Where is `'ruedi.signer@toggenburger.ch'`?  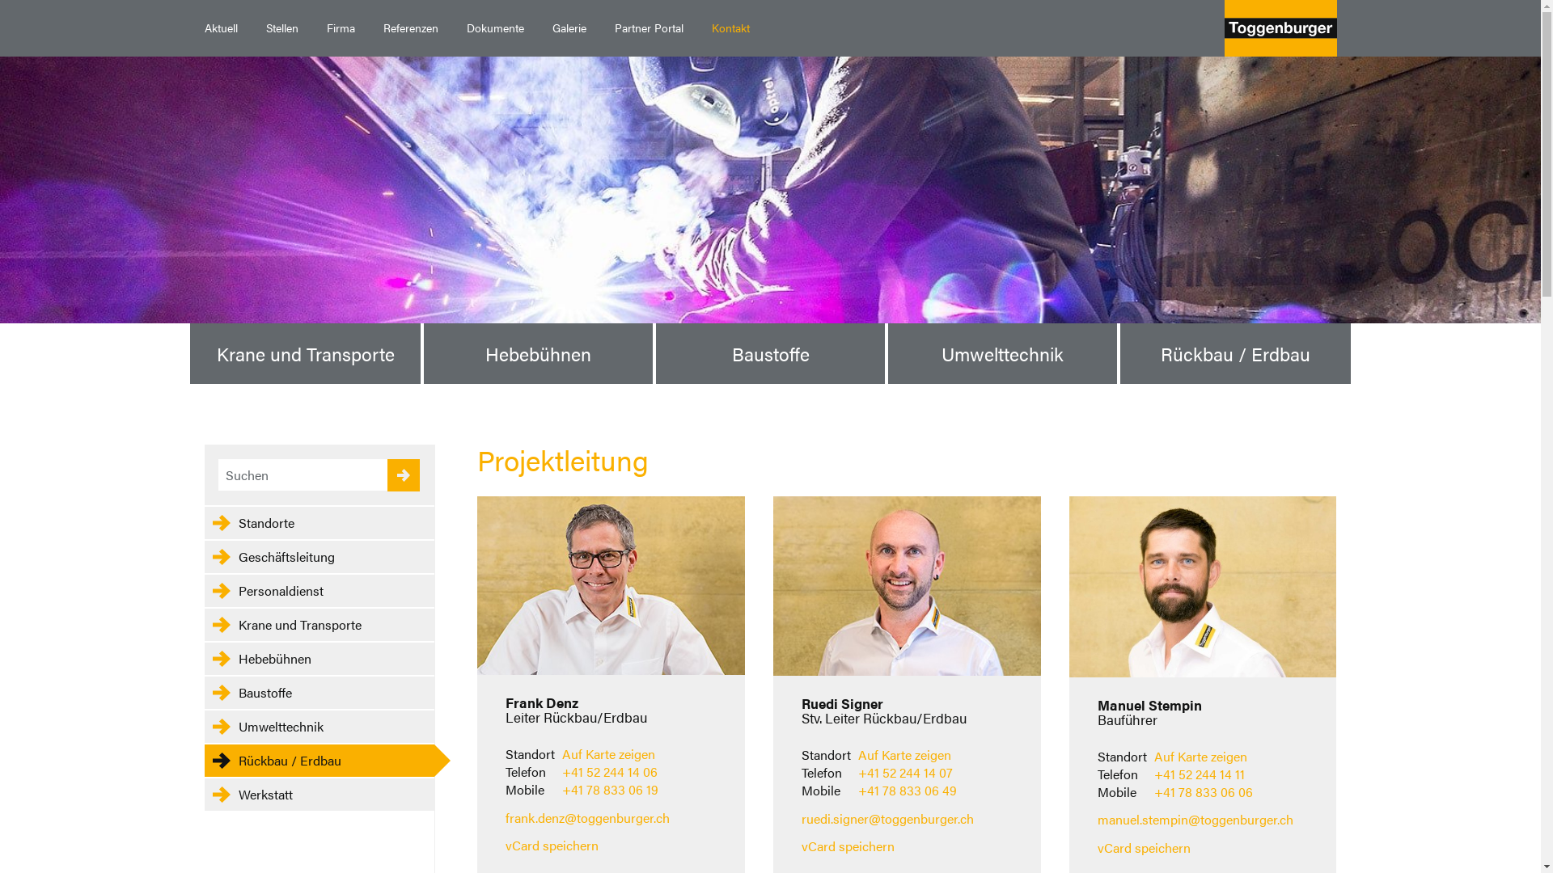 'ruedi.signer@toggenburger.ch' is located at coordinates (887, 818).